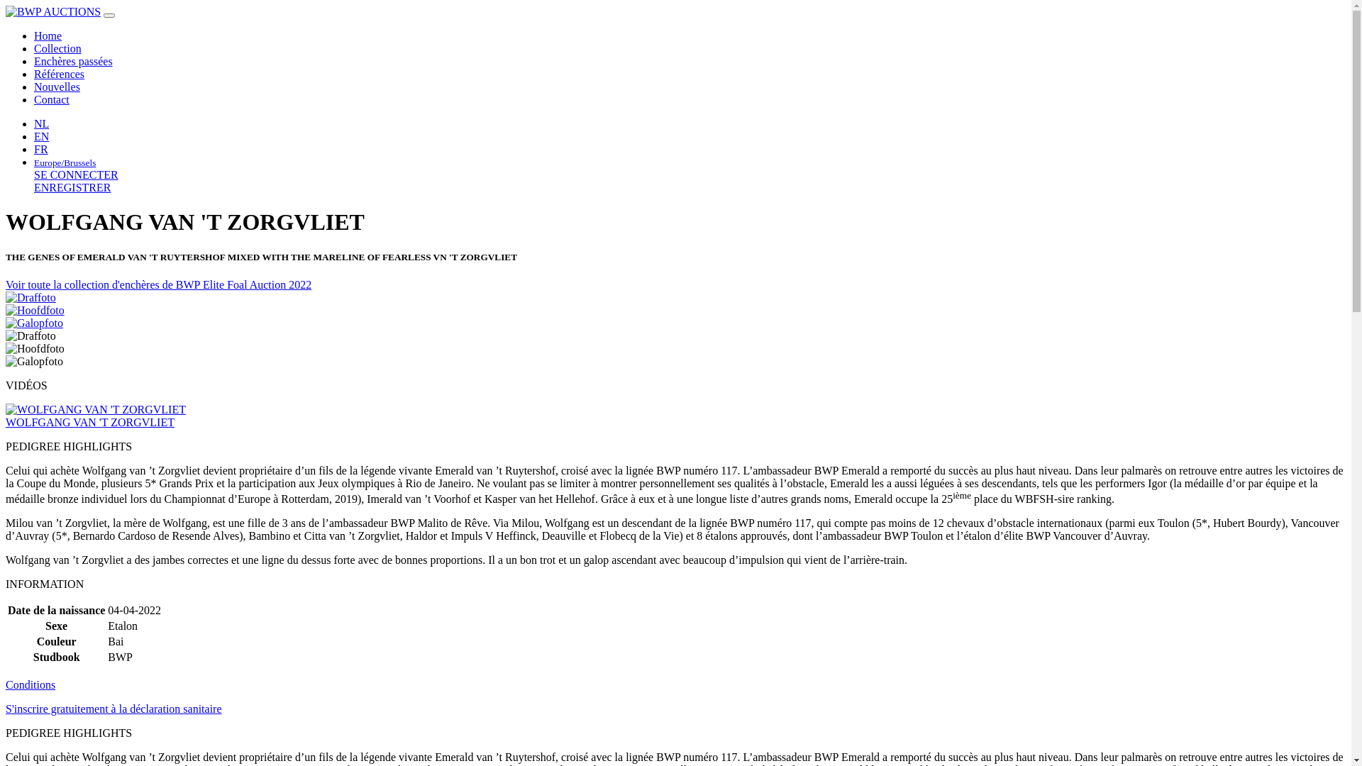 This screenshot has height=766, width=1362. I want to click on 'ENREGISTRER', so click(34, 187).